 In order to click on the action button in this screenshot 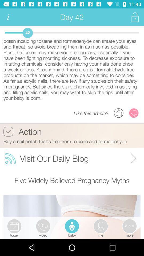, I will do `click(22, 131)`.